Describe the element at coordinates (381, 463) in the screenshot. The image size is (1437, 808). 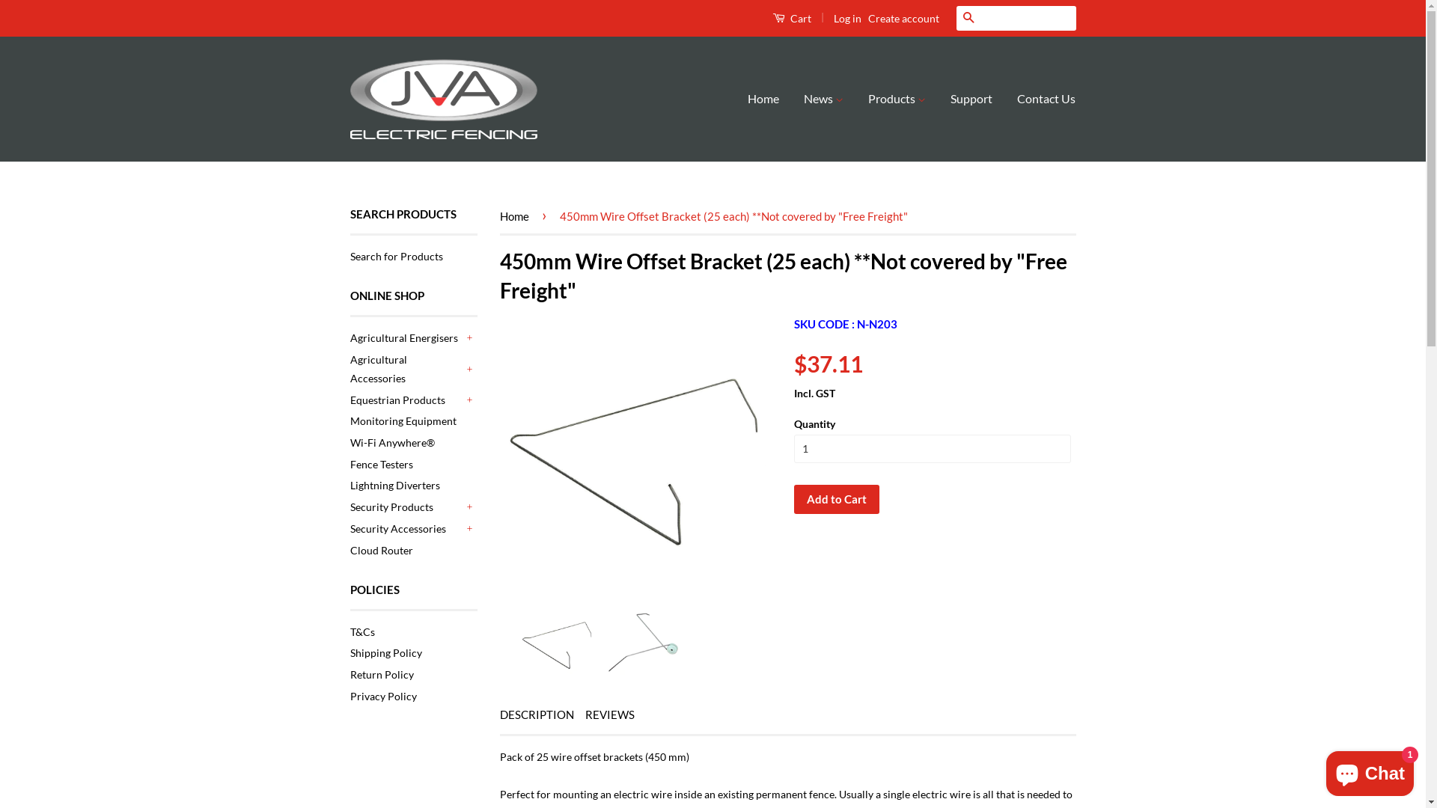
I see `'Fence Testers'` at that location.